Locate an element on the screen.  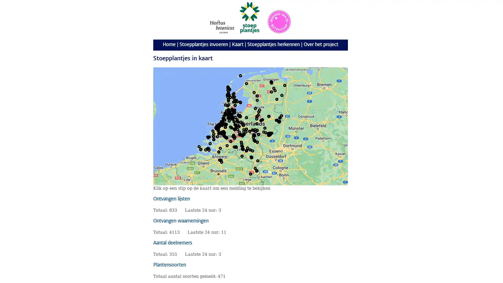
Telling van op 29 oktober 2021 is located at coordinates (228, 113).